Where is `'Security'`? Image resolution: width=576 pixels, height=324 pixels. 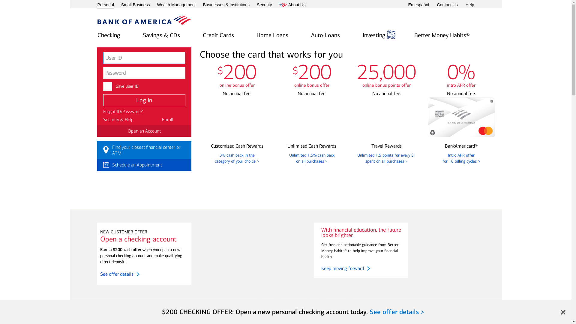
'Security' is located at coordinates (264, 5).